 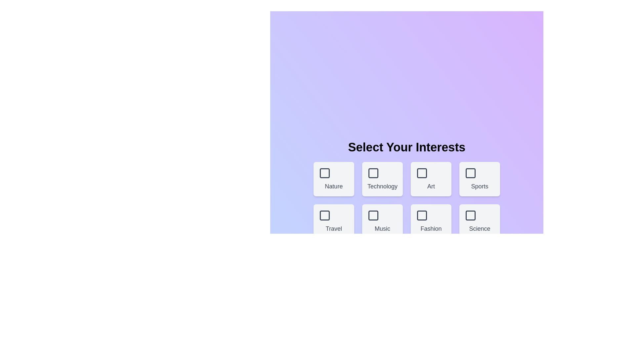 What do you see at coordinates (479, 221) in the screenshot?
I see `the box corresponding to the theme Science to select or deselect it` at bounding box center [479, 221].